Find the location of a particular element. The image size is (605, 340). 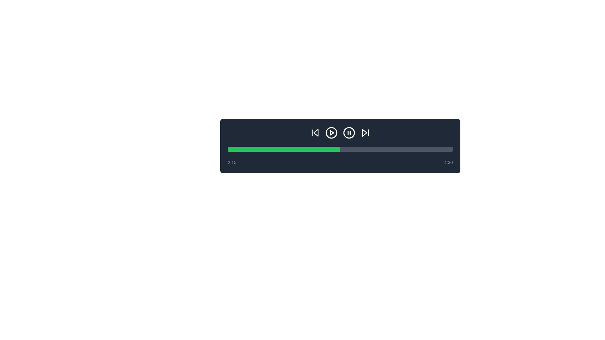

the Progress Bar that visually represents the progress of media playback, located centrally at the bottom of the music player interface is located at coordinates (340, 149).